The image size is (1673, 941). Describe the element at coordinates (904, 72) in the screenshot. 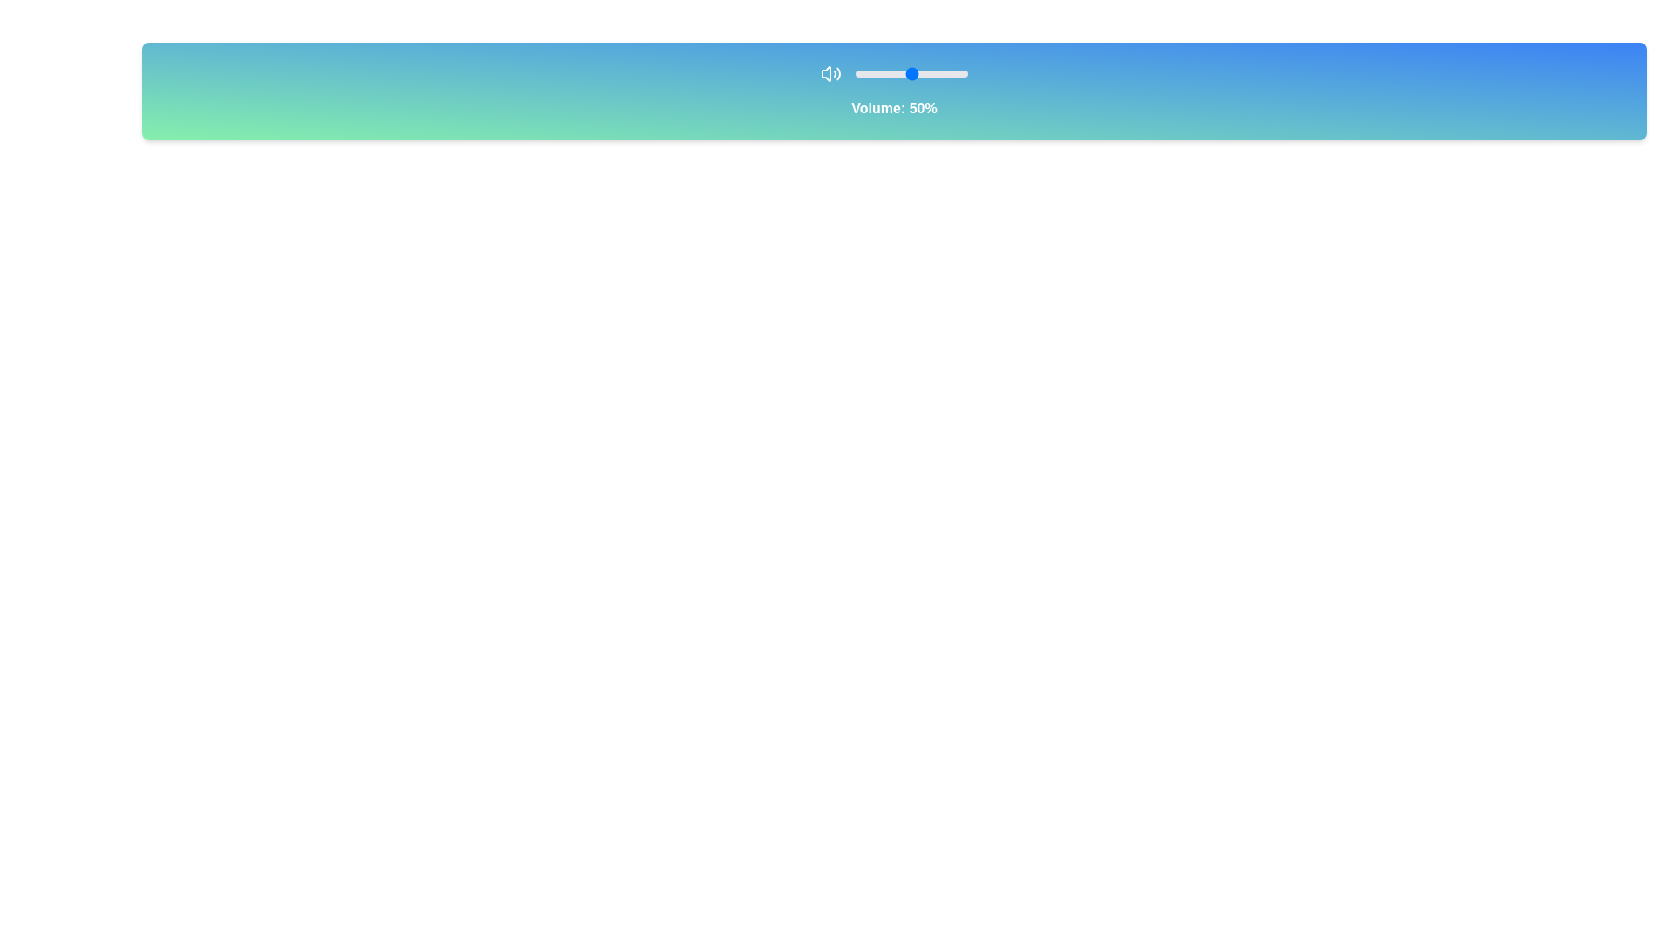

I see `the volume level on the slider` at that location.